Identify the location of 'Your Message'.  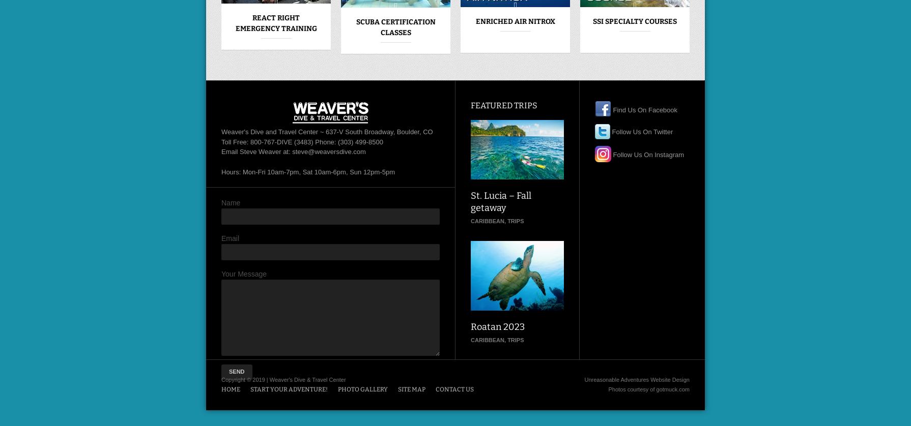
(243, 274).